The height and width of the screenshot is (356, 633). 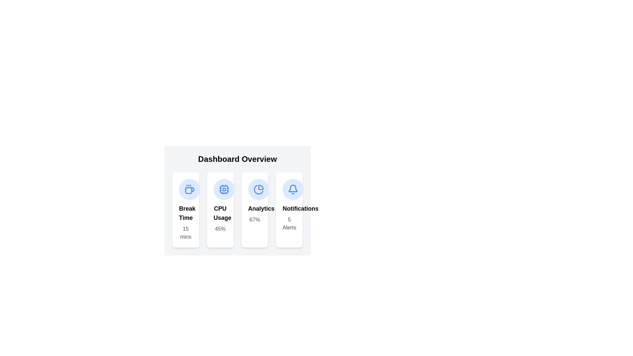 What do you see at coordinates (292, 188) in the screenshot?
I see `the bell icon representing notifications located in the bottom-right corner of the dashboard card` at bounding box center [292, 188].